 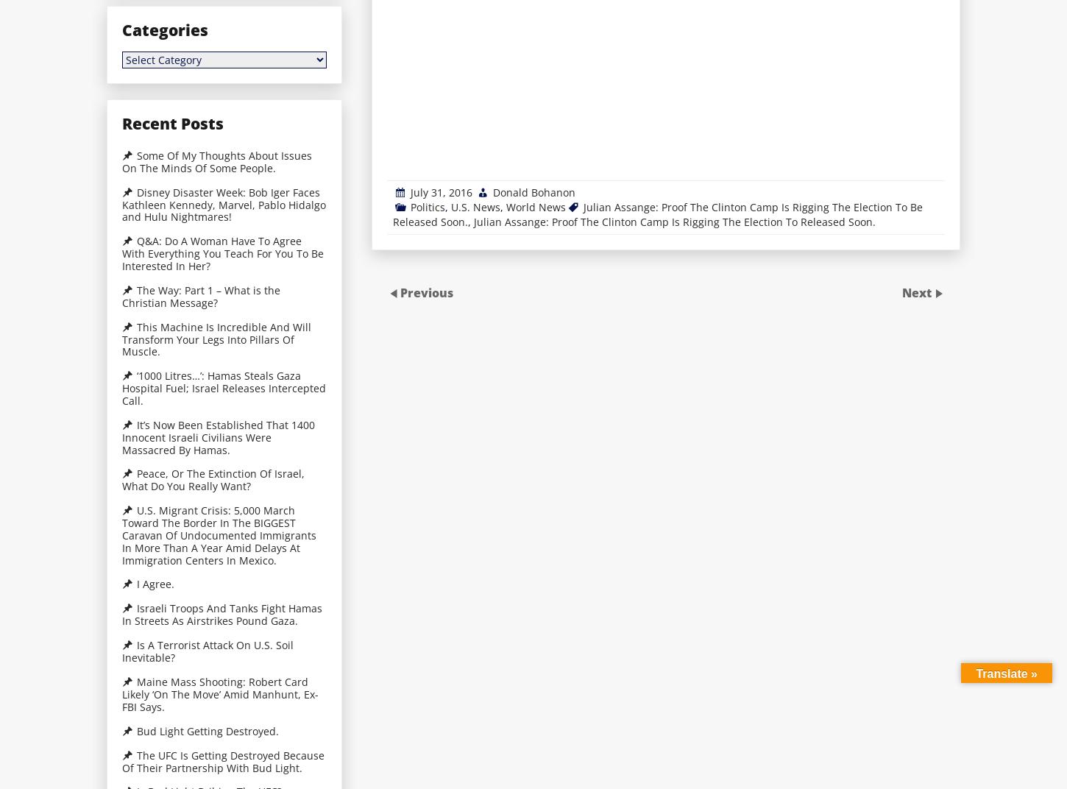 I want to click on 'Julian Assange: Proof The Clinton Camp Is Rigging The Election To Released Soon.', so click(x=472, y=221).